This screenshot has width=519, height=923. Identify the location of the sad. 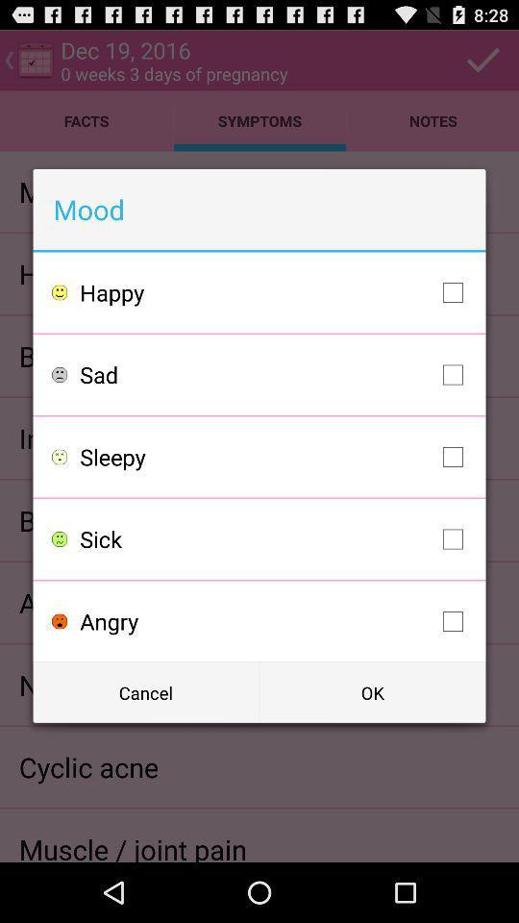
(275, 373).